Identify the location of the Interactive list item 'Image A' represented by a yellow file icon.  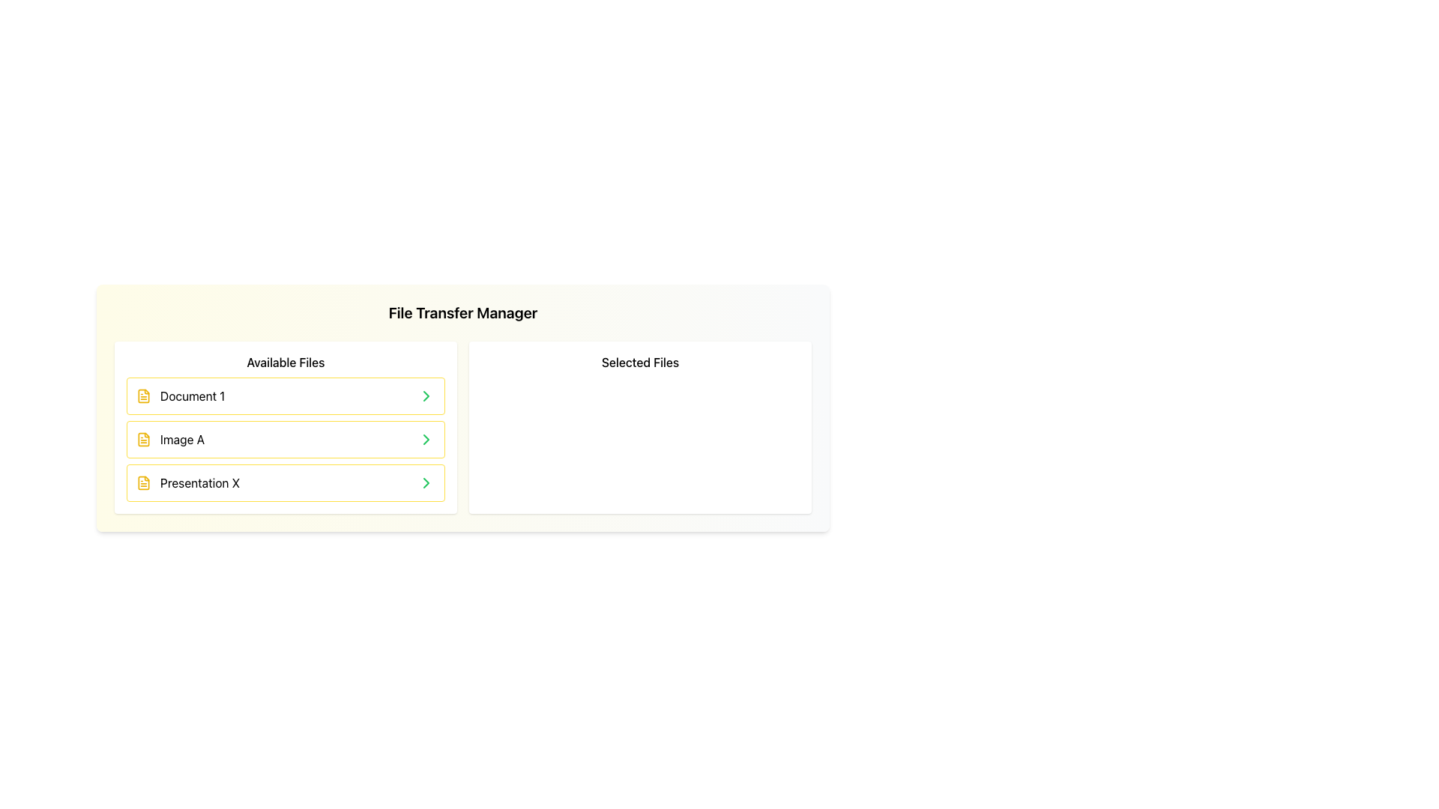
(170, 438).